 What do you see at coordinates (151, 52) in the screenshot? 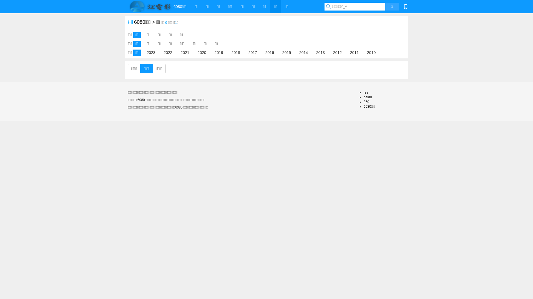
I see `'2023'` at bounding box center [151, 52].